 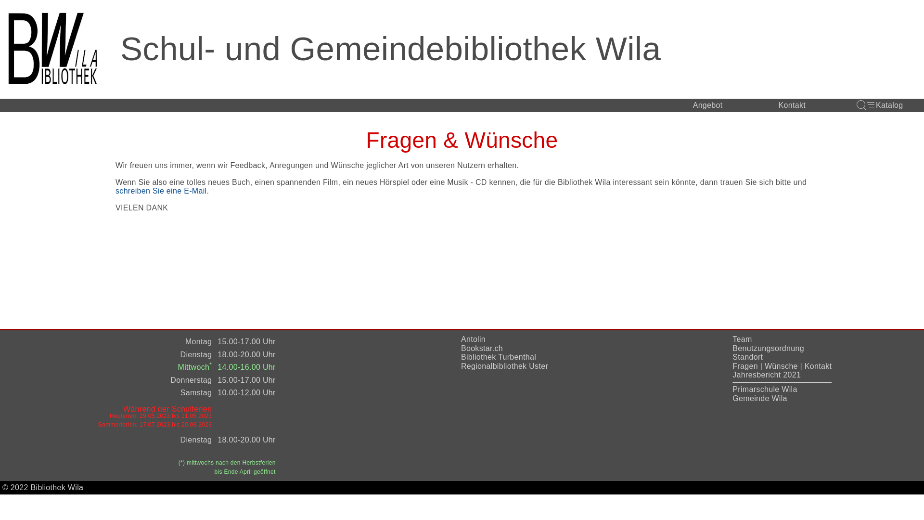 I want to click on 'Angebot', so click(x=707, y=105).